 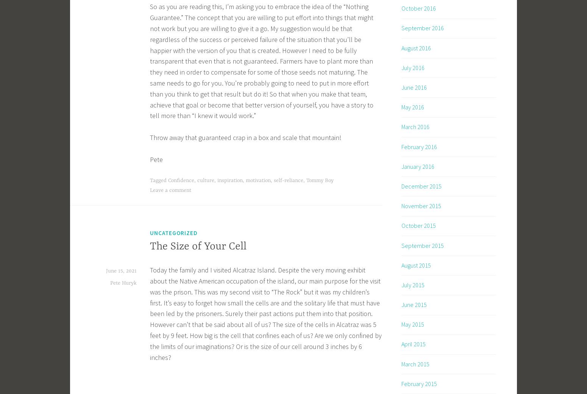 What do you see at coordinates (320, 180) in the screenshot?
I see `'Tommy Boy'` at bounding box center [320, 180].